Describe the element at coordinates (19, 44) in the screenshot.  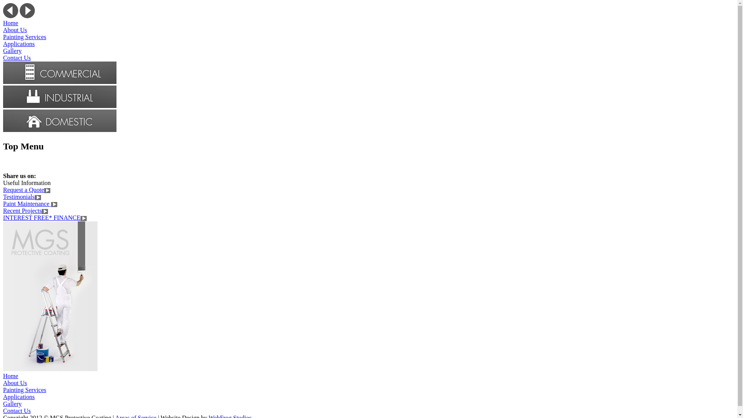
I see `'Applications'` at that location.